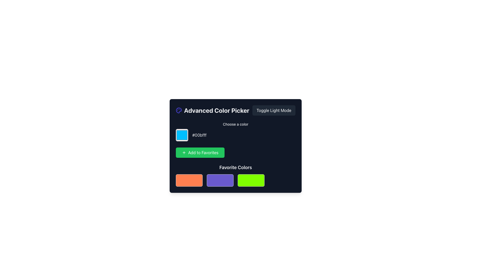 This screenshot has height=278, width=495. Describe the element at coordinates (251, 180) in the screenshot. I see `the bright green color tile with rounded corners located at the bottom-right corner of the 'Favorite Colors' section` at that location.